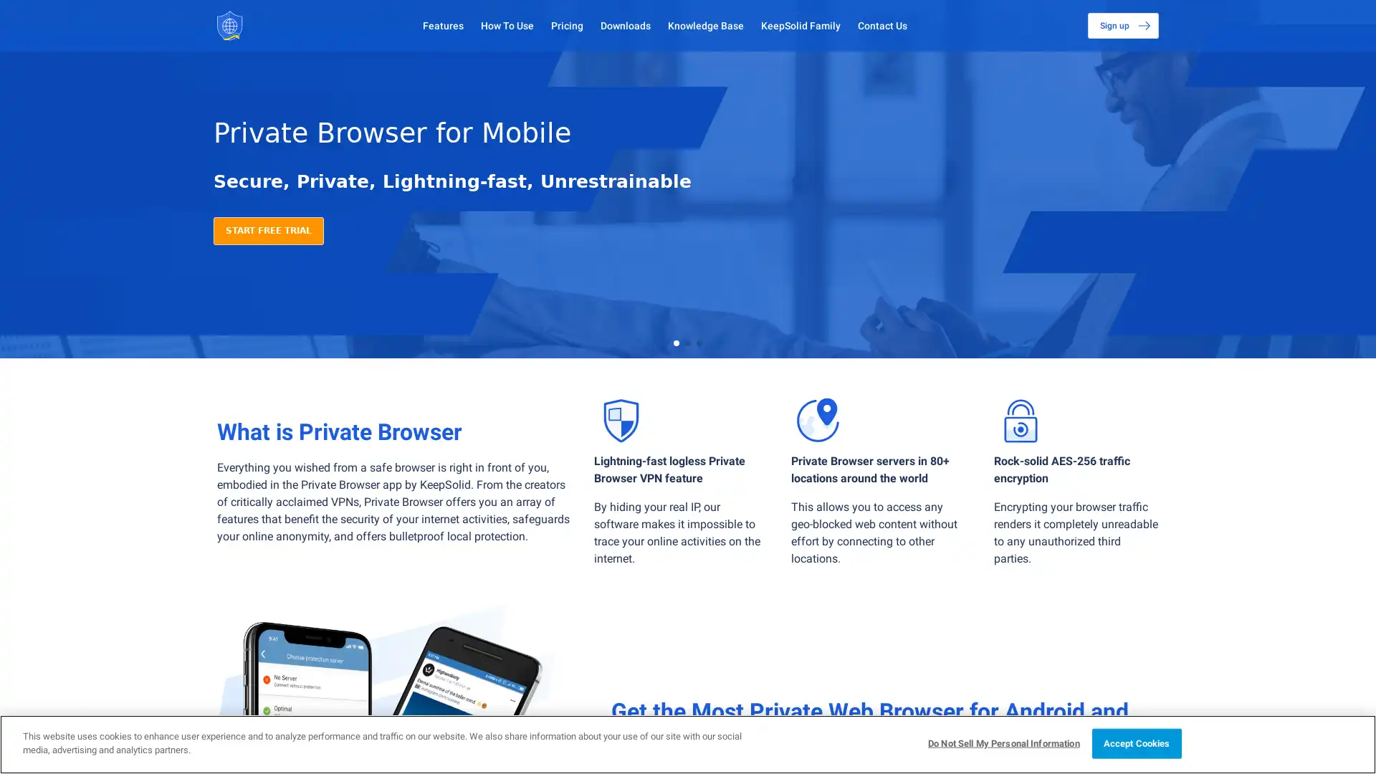 This screenshot has width=1376, height=774. What do you see at coordinates (676, 343) in the screenshot?
I see `Go to slide 1` at bounding box center [676, 343].